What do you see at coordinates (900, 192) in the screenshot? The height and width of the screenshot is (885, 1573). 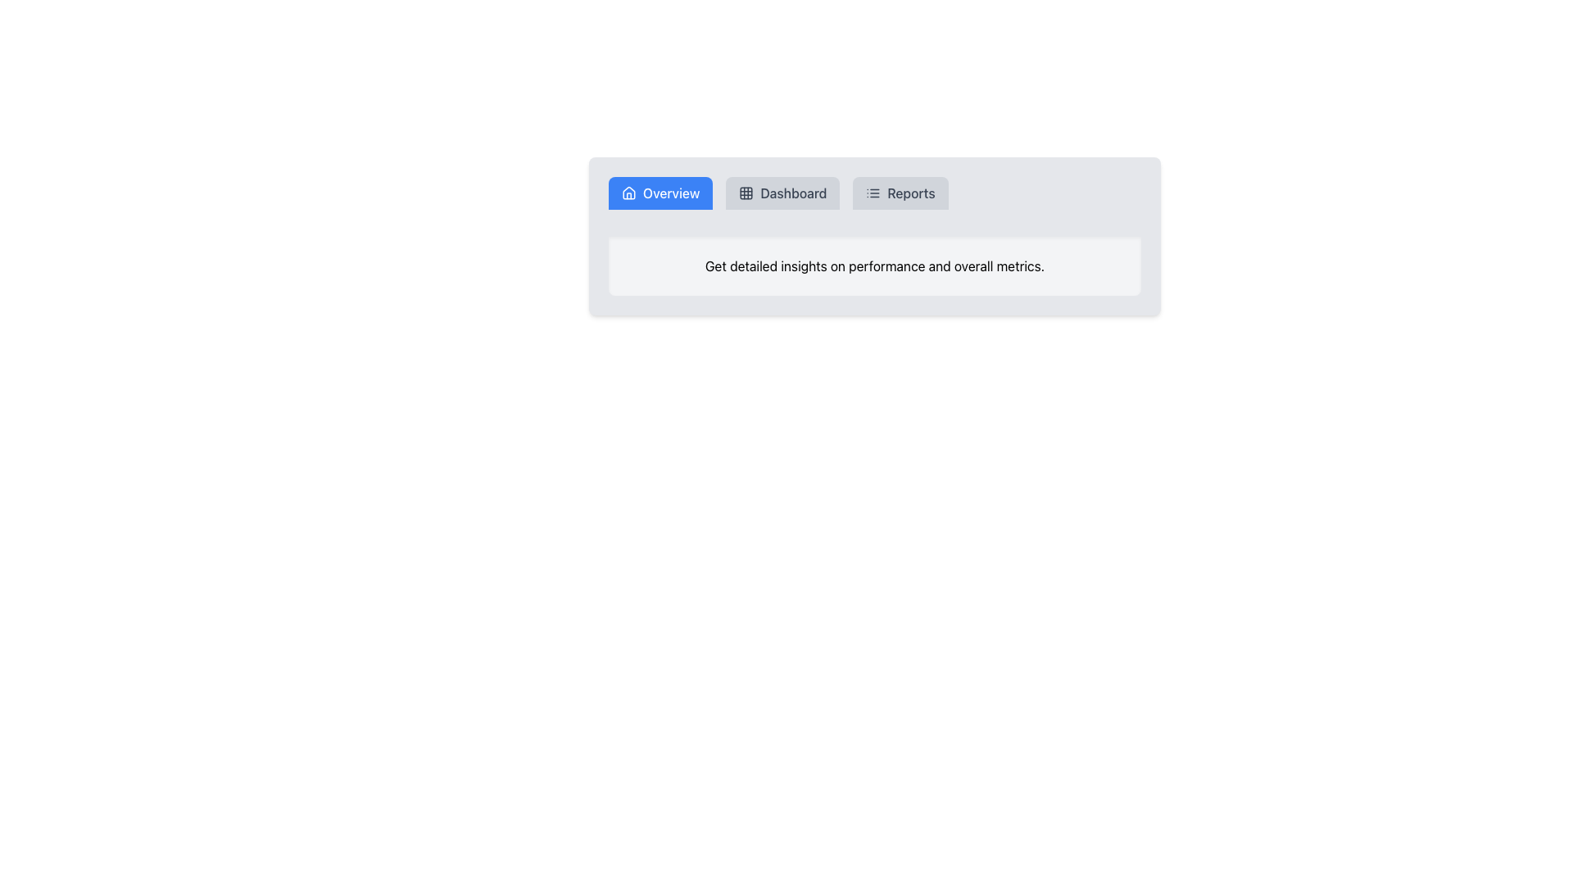 I see `the third navigation tab button that leads` at bounding box center [900, 192].